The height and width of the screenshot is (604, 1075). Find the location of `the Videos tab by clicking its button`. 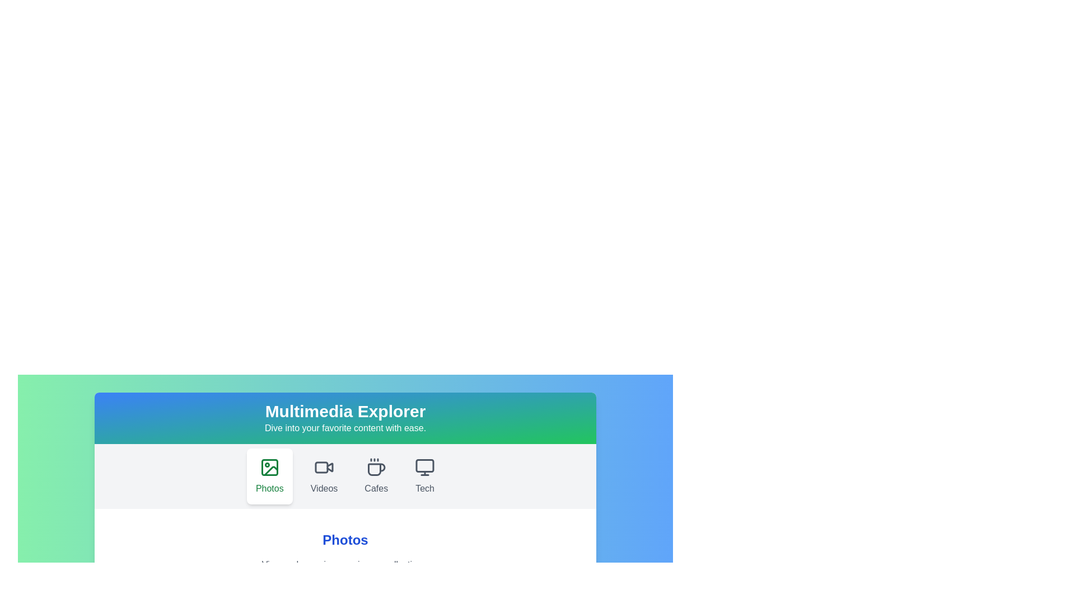

the Videos tab by clicking its button is located at coordinates (324, 476).